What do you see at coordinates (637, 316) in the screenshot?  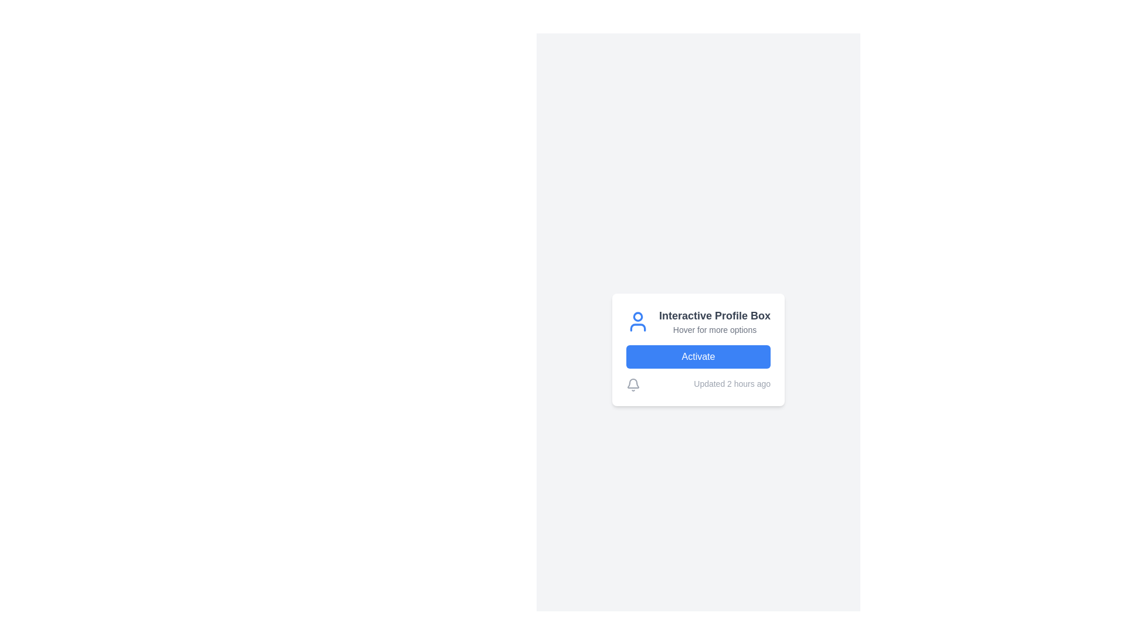 I see `the small circular graphical element located at the top center of the user icon in the 'Interactive Profile Box', which is styled with a blue hue` at bounding box center [637, 316].